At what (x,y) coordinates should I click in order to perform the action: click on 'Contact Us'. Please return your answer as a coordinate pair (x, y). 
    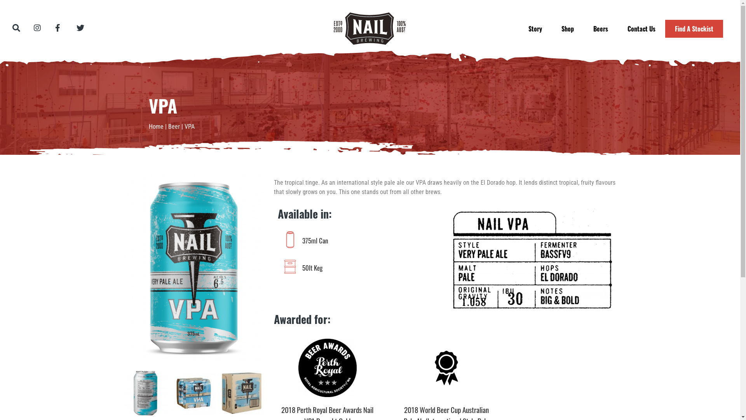
    Looking at the image, I should click on (641, 28).